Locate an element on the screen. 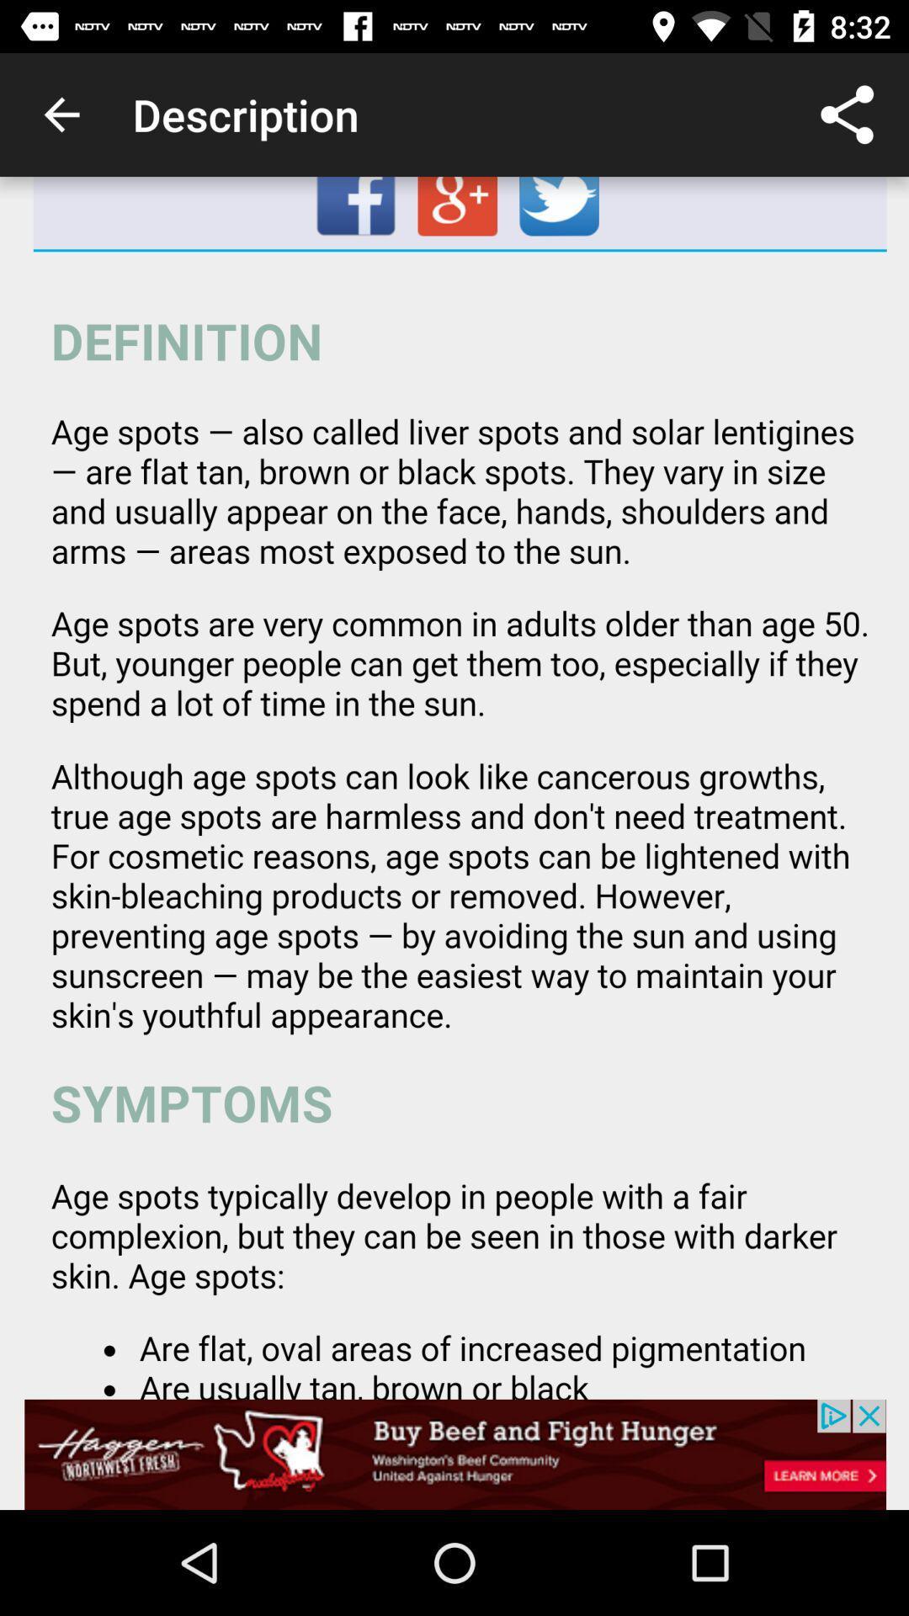  share on google plus is located at coordinates (460, 212).